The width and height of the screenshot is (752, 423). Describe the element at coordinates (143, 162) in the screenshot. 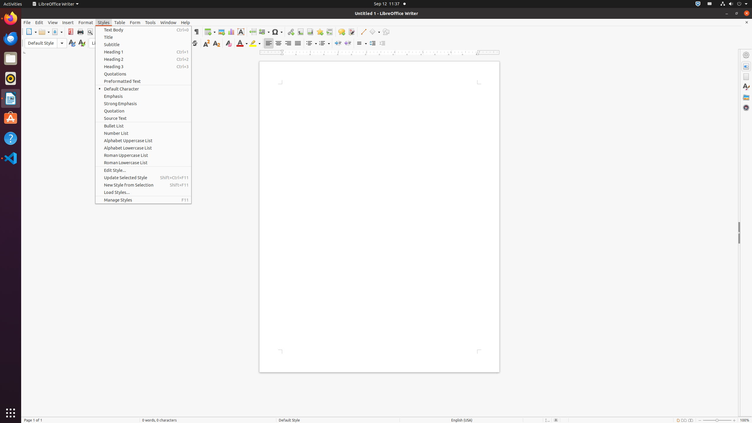

I see `'Roman Lowercase List'` at that location.